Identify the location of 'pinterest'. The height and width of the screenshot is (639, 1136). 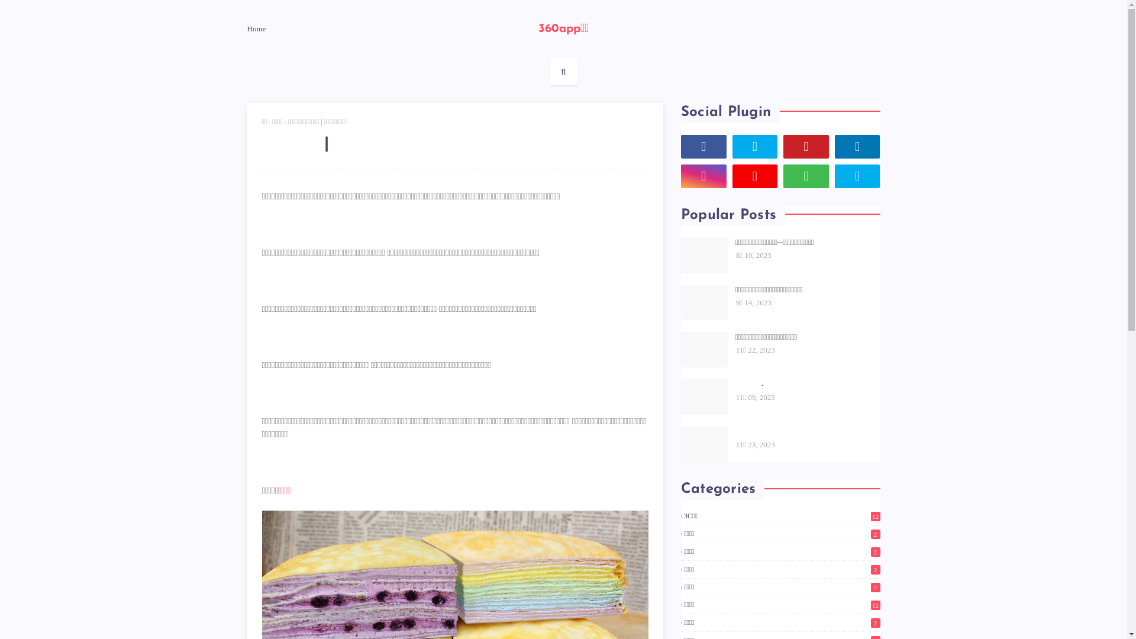
(805, 146).